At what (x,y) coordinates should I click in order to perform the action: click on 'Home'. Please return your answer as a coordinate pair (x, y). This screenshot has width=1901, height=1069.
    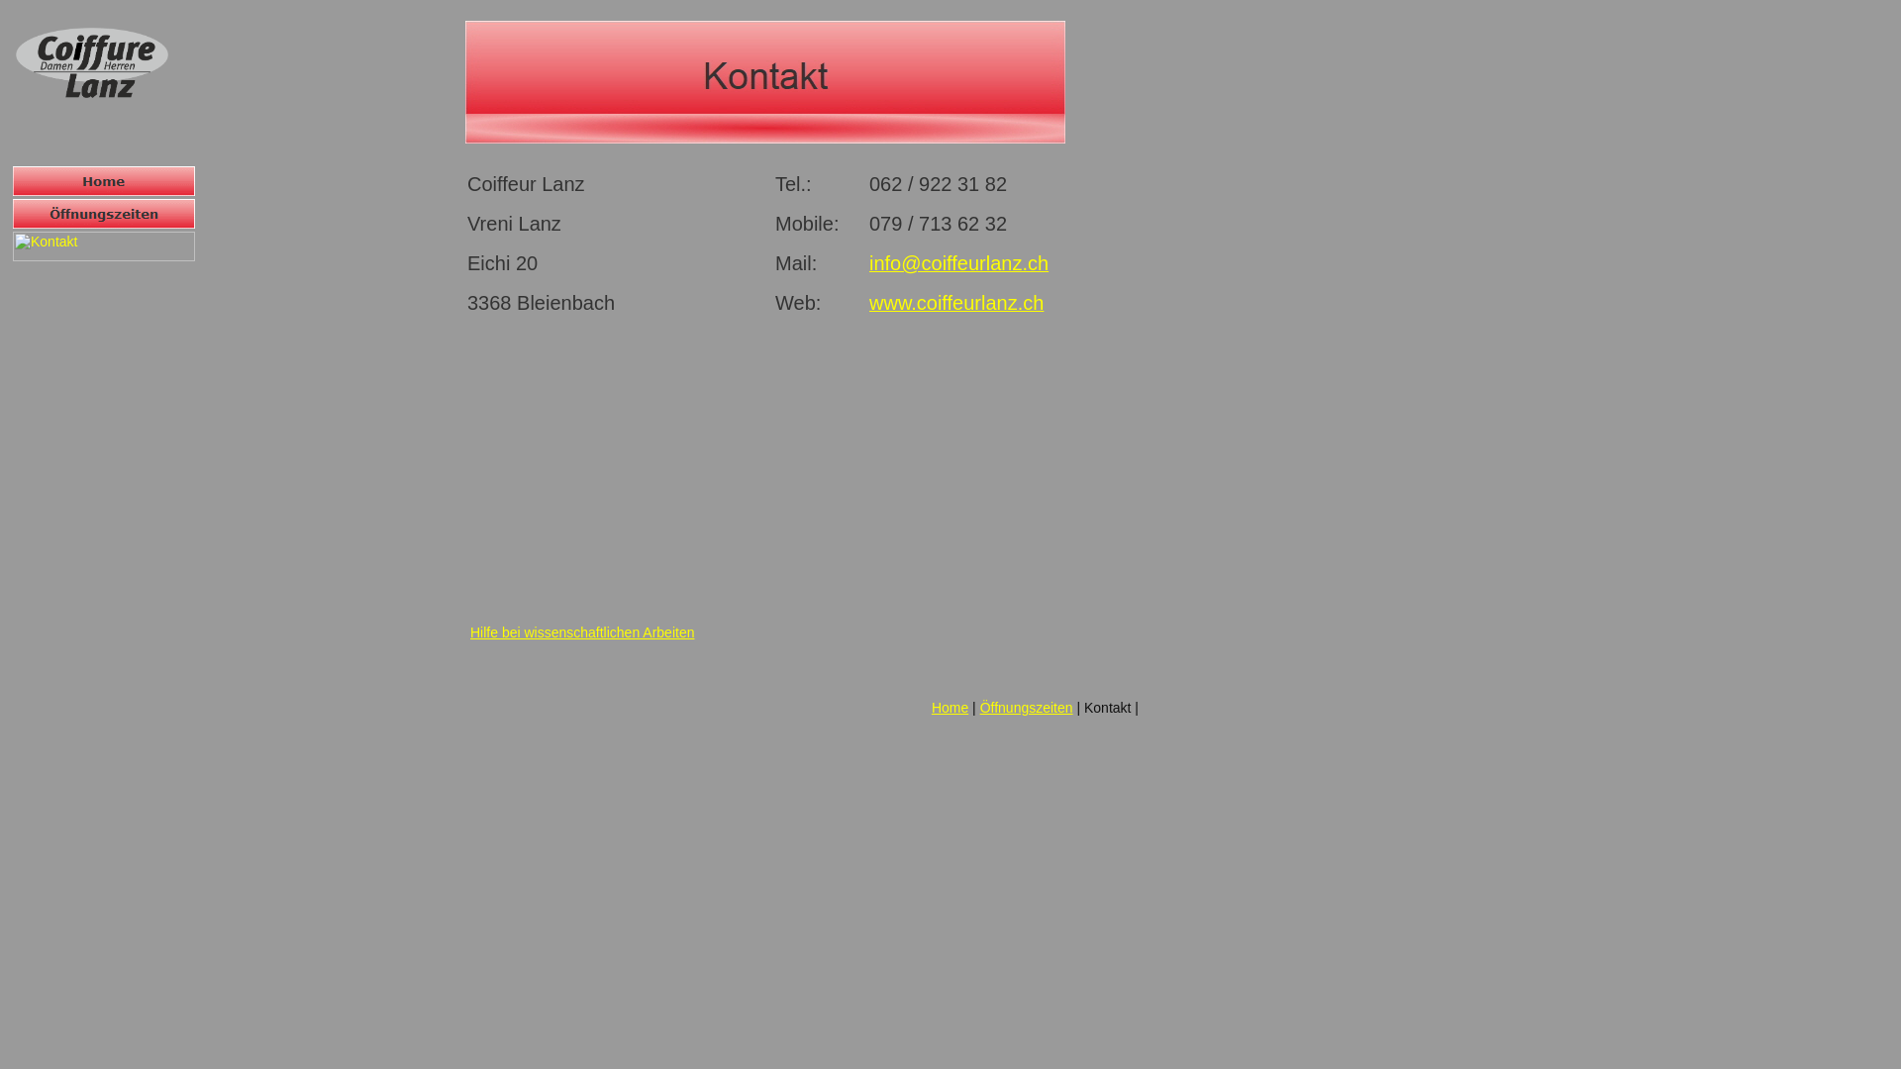
    Looking at the image, I should click on (930, 706).